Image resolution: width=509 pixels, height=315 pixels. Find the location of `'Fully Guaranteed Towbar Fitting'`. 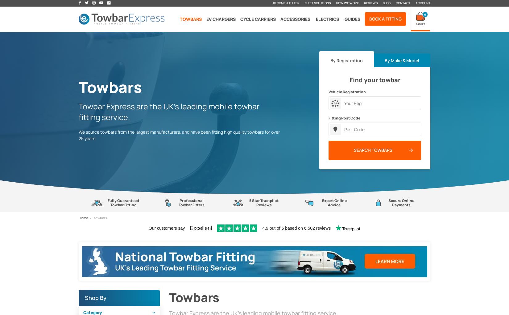

'Fully Guaranteed Towbar Fitting' is located at coordinates (123, 202).